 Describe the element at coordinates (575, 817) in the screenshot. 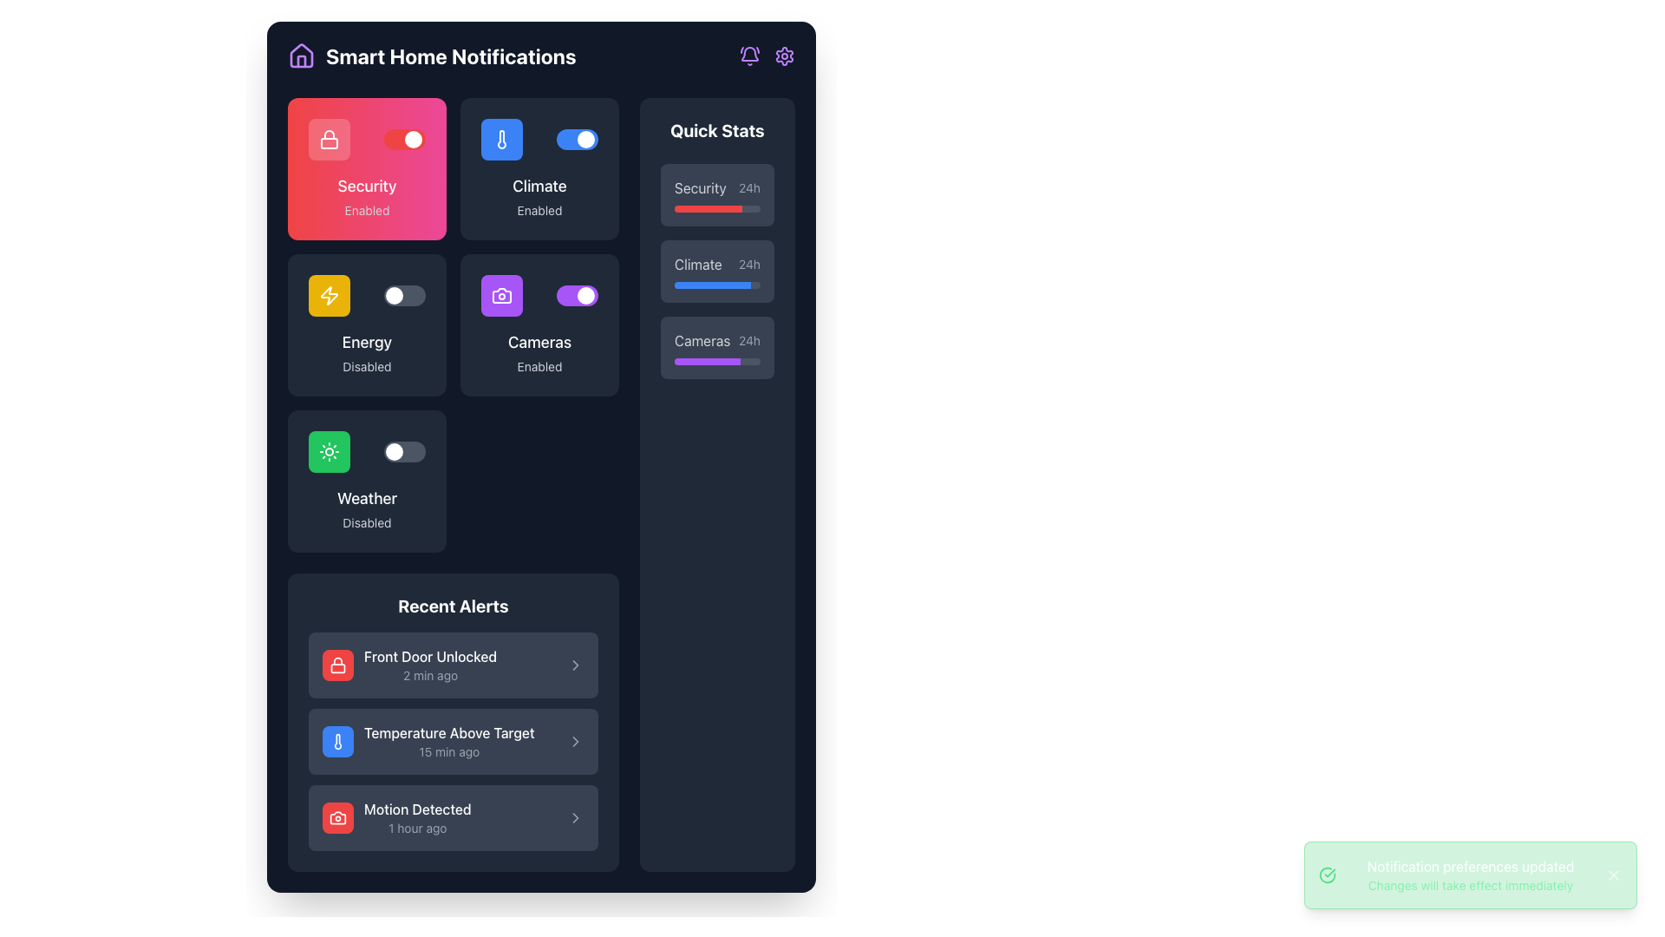

I see `the navigation indicator icon located in the top-right corner of the 'Motion Detected' card` at that location.